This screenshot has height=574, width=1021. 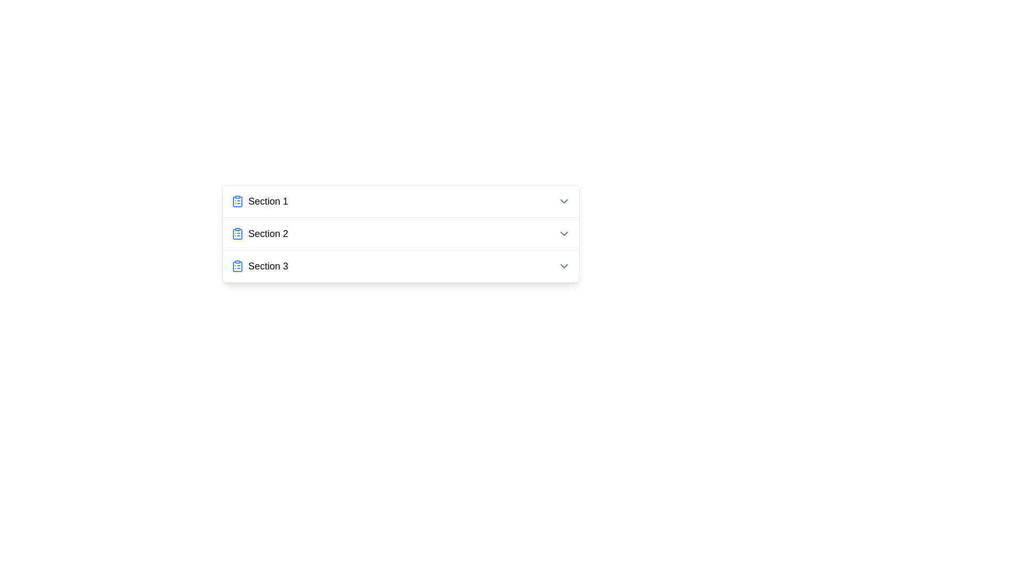 What do you see at coordinates (260, 233) in the screenshot?
I see `the labeled menu item located beneath 'Section 1' and above 'Section 3'` at bounding box center [260, 233].